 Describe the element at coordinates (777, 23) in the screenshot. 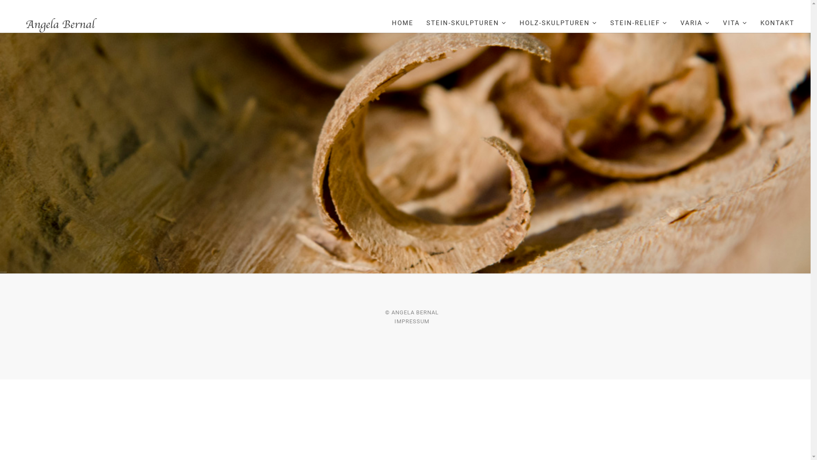

I see `'KONTAKT'` at that location.